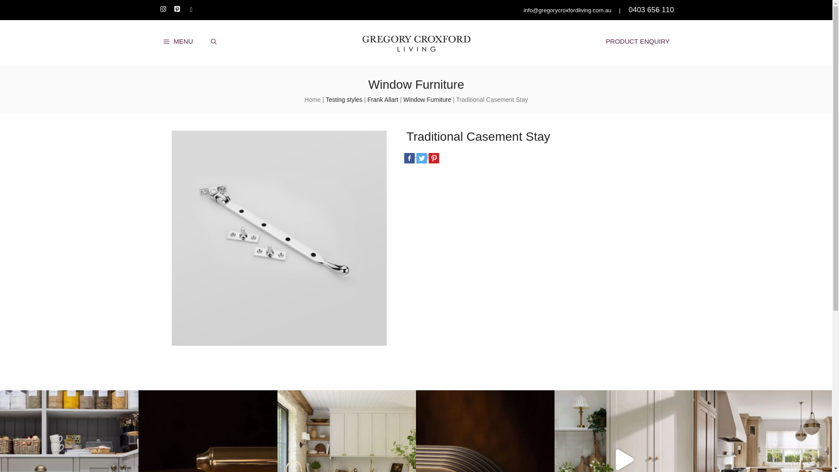 Image resolution: width=839 pixels, height=472 pixels. What do you see at coordinates (343, 99) in the screenshot?
I see `'Testing styles'` at bounding box center [343, 99].